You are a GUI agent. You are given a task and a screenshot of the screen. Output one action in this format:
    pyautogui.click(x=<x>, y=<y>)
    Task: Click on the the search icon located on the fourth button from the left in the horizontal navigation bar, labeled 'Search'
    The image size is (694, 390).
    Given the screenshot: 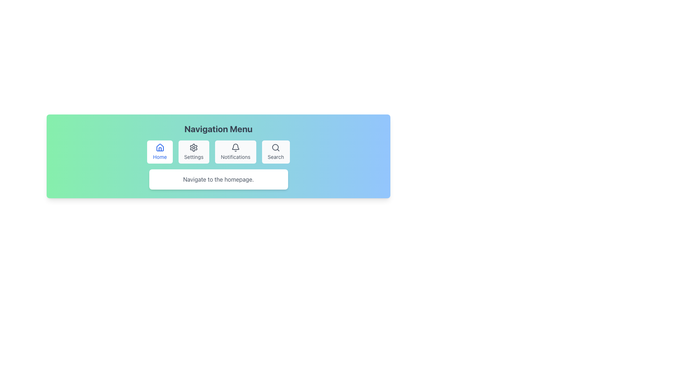 What is the action you would take?
    pyautogui.click(x=275, y=147)
    